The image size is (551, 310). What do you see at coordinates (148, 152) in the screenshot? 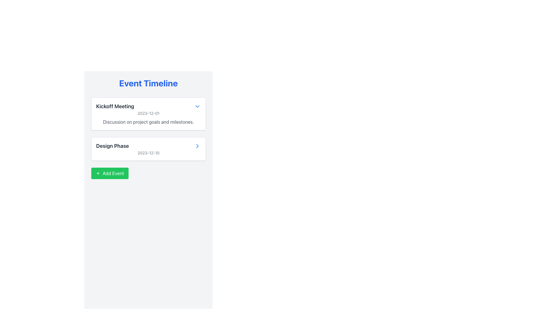
I see `the Text Label displaying the date of the 'Design Phase' event, located at the bottom of the 'Design Phase' card` at bounding box center [148, 152].